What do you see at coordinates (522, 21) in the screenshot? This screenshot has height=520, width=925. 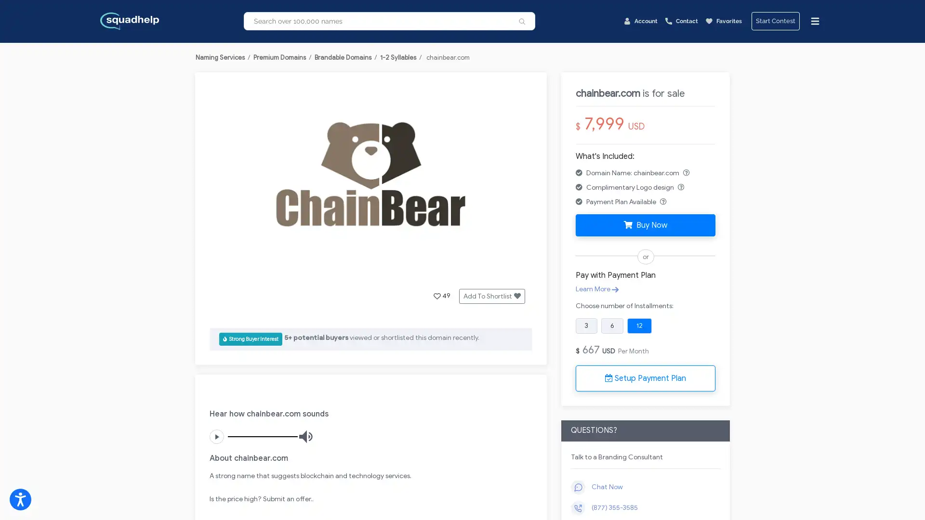 I see `Search premium domains` at bounding box center [522, 21].